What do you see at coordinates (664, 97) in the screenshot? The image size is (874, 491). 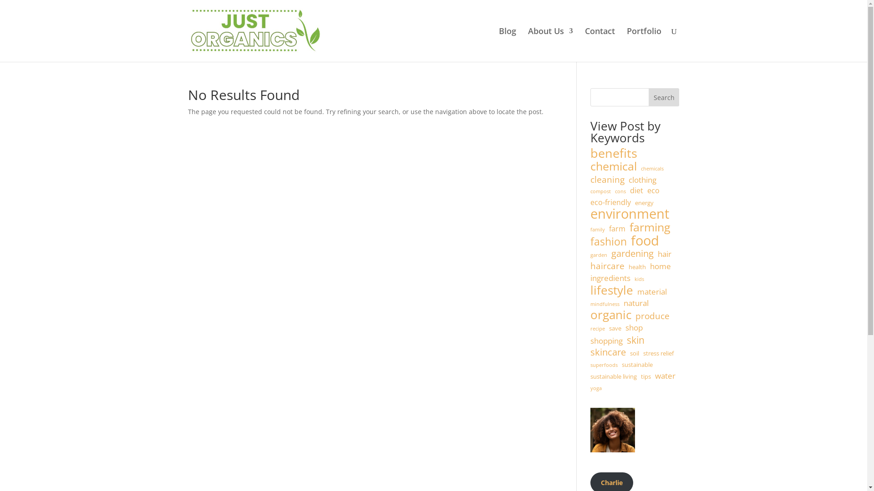 I see `'Search'` at bounding box center [664, 97].